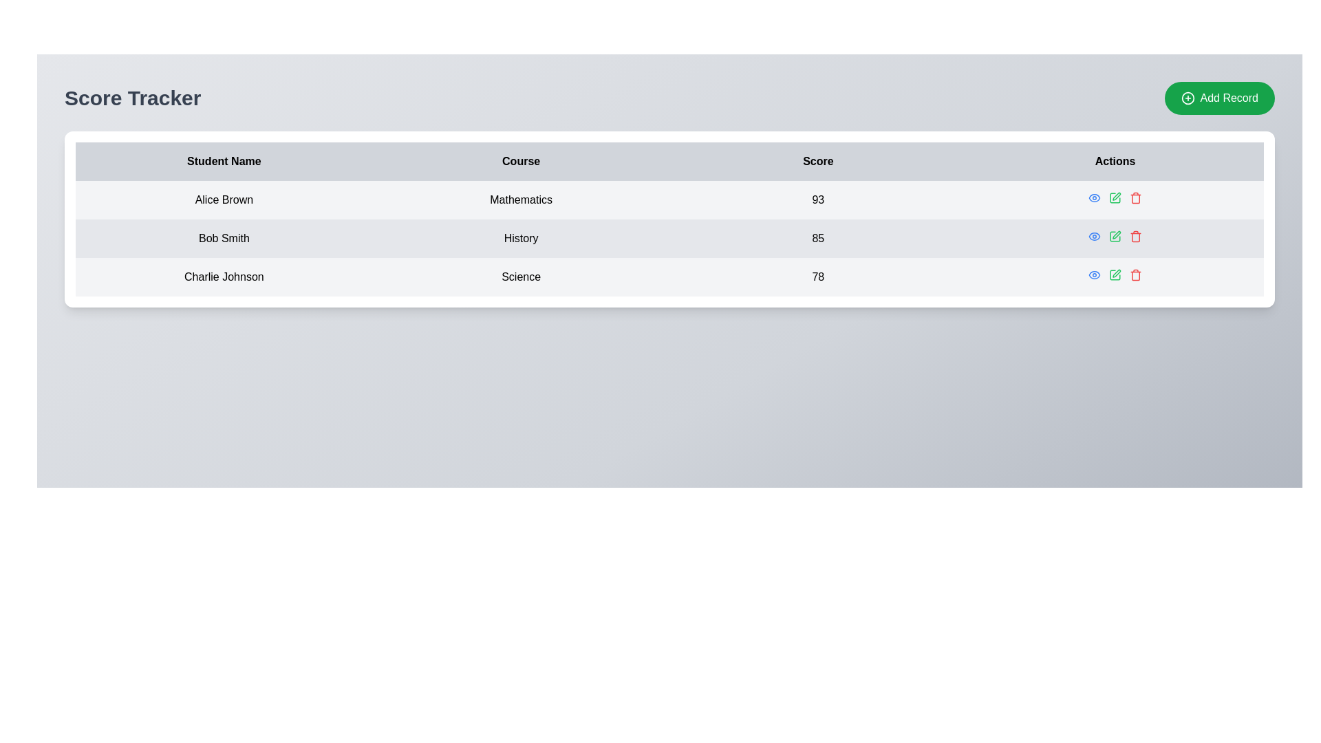 This screenshot has height=743, width=1321. Describe the element at coordinates (1187, 97) in the screenshot. I see `the SVG Circle element that visually represents the boundary of an icon with a plus sign, located in the top-right corner of the user interface as part of the green 'Add Record' button` at that location.